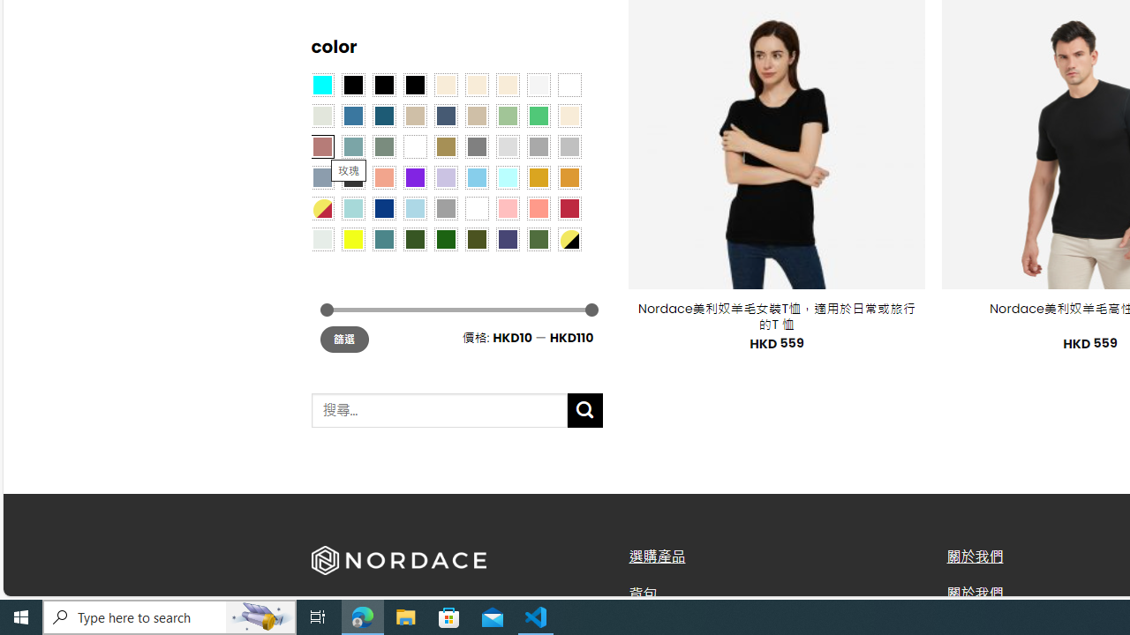 Image resolution: width=1130 pixels, height=635 pixels. Describe the element at coordinates (506, 84) in the screenshot. I see `'Cream'` at that location.